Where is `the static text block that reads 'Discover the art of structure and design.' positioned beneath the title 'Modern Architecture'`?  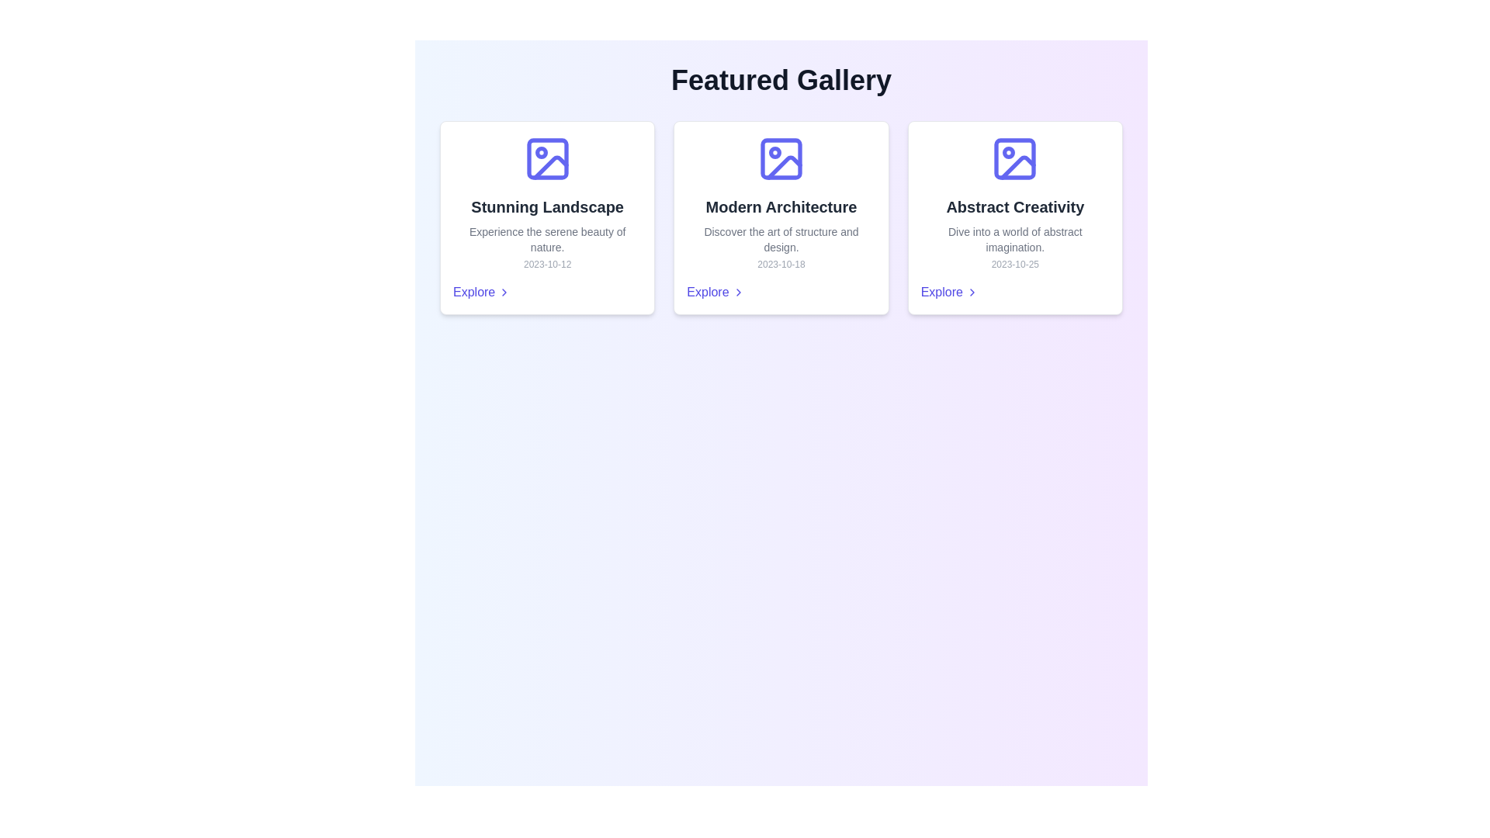 the static text block that reads 'Discover the art of structure and design.' positioned beneath the title 'Modern Architecture' is located at coordinates (781, 239).